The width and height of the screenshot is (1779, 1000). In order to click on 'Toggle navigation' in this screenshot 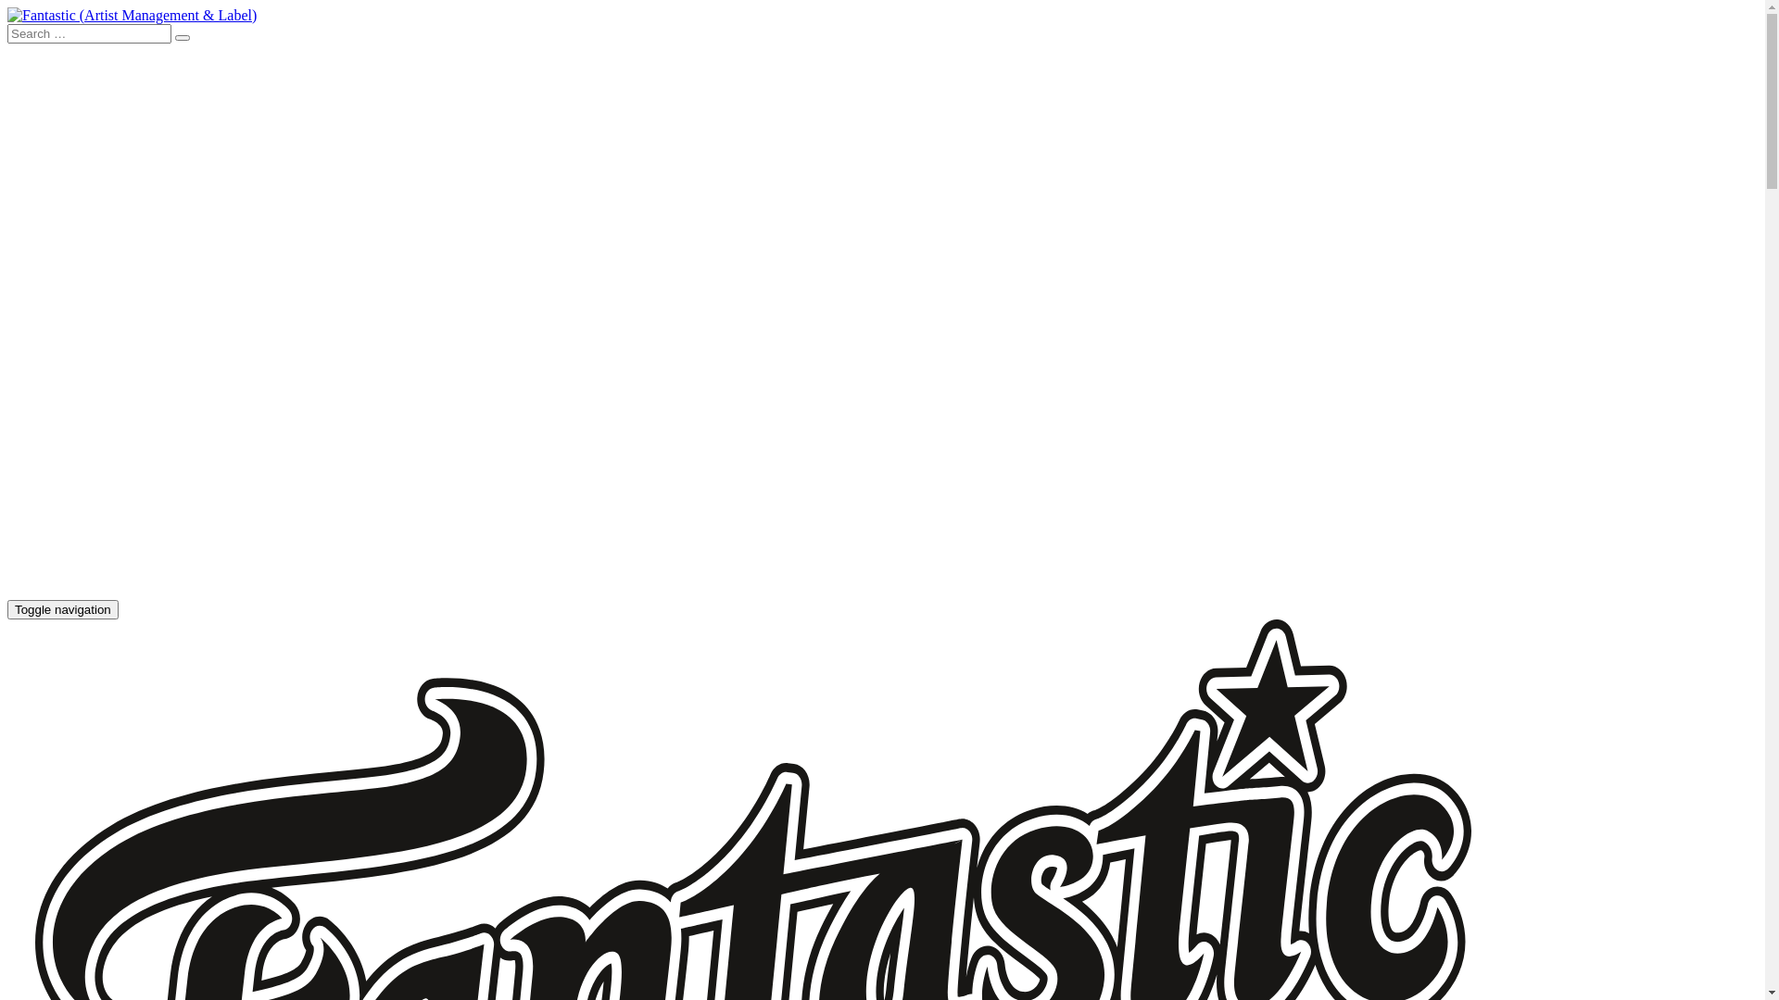, I will do `click(62, 609)`.